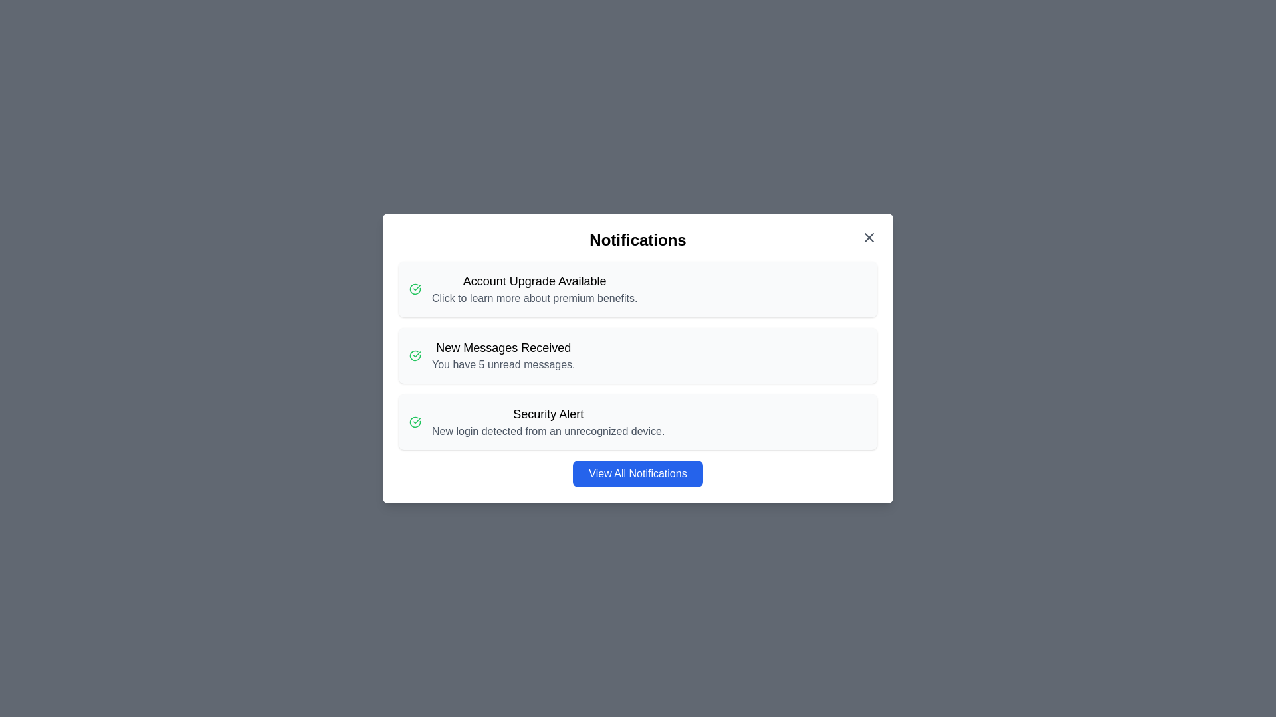 This screenshot has height=717, width=1276. What do you see at coordinates (638, 355) in the screenshot?
I see `the second notification box that informs the user about new unread messages located between 'Account Upgrade Available' and 'Security Alert'` at bounding box center [638, 355].